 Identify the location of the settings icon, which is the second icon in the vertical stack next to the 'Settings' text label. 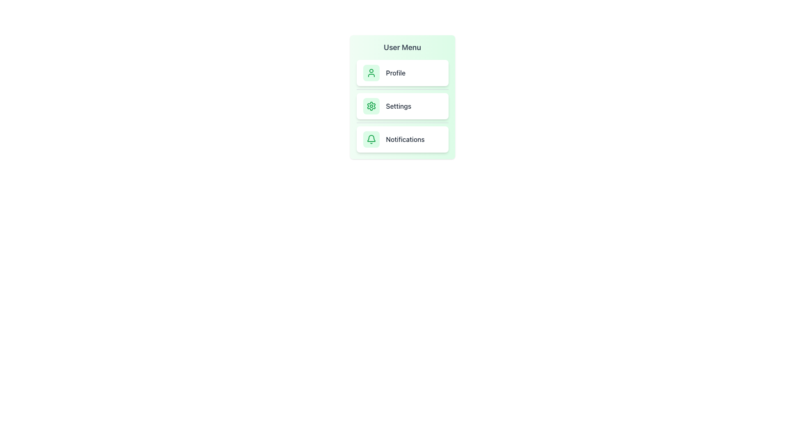
(371, 105).